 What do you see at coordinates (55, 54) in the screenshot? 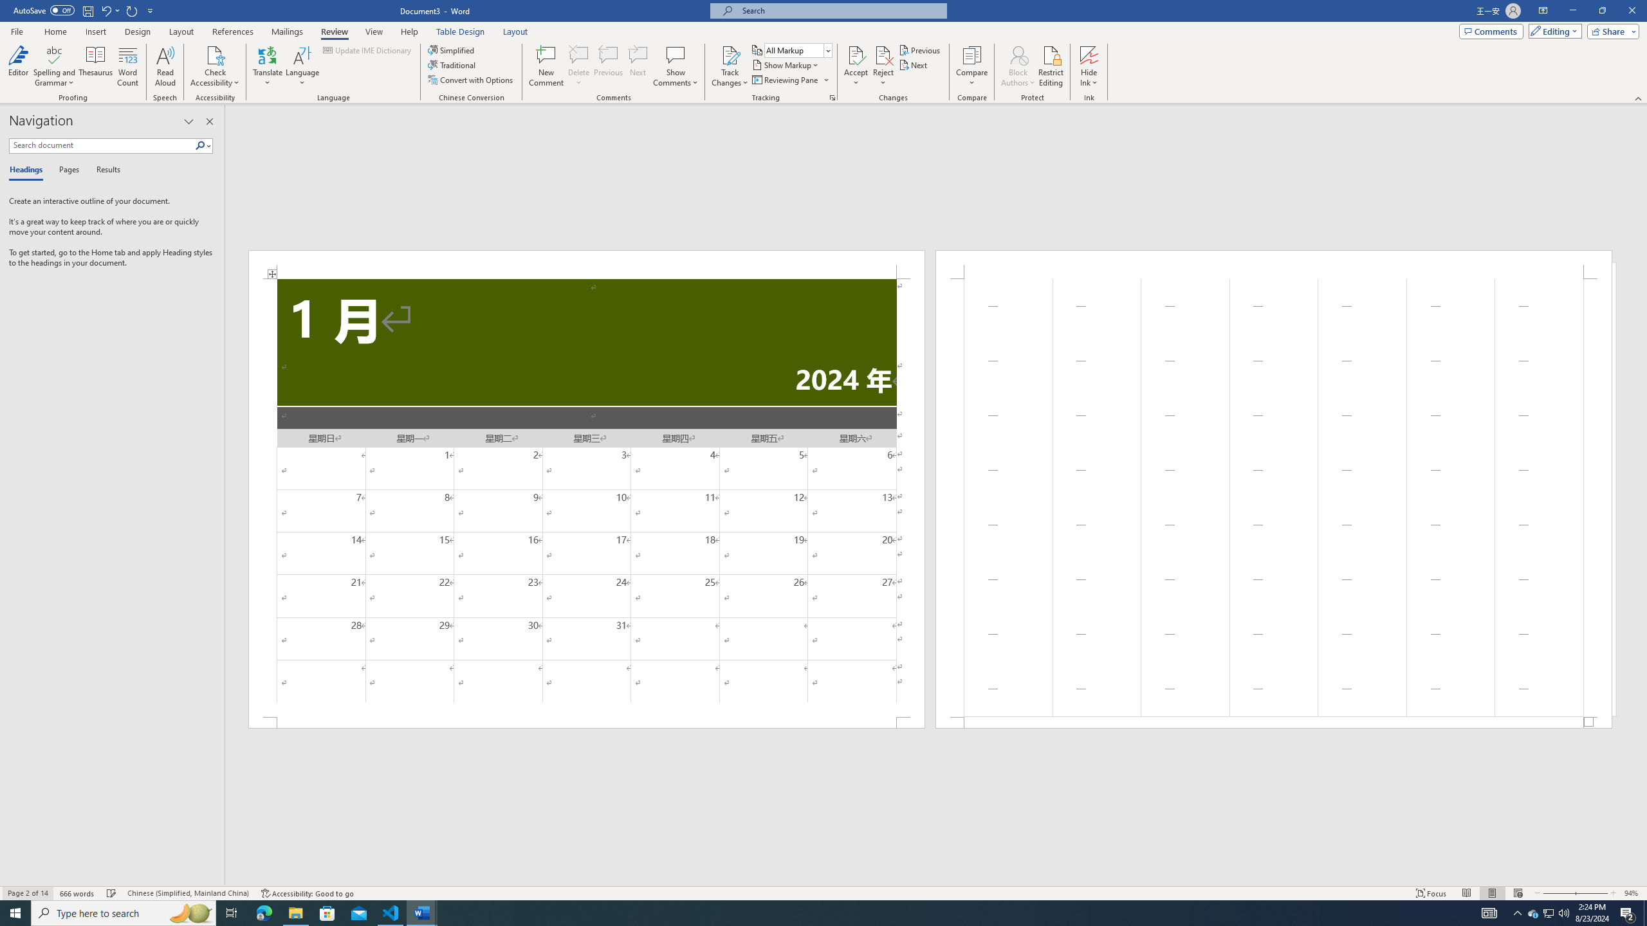
I see `'Spelling and Grammar'` at bounding box center [55, 54].